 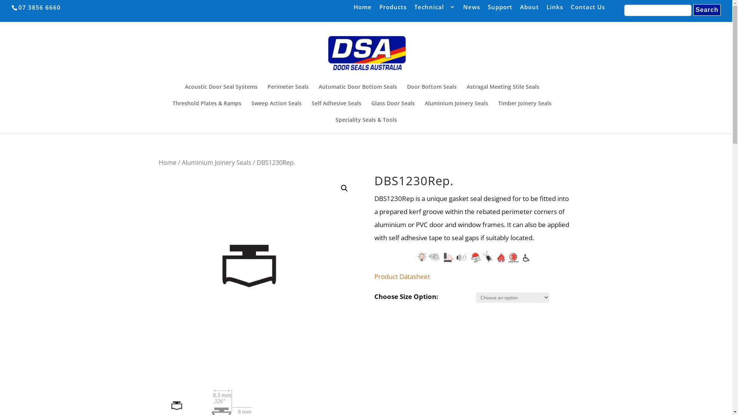 I want to click on 'Threshold Plates & Ramps', so click(x=206, y=109).